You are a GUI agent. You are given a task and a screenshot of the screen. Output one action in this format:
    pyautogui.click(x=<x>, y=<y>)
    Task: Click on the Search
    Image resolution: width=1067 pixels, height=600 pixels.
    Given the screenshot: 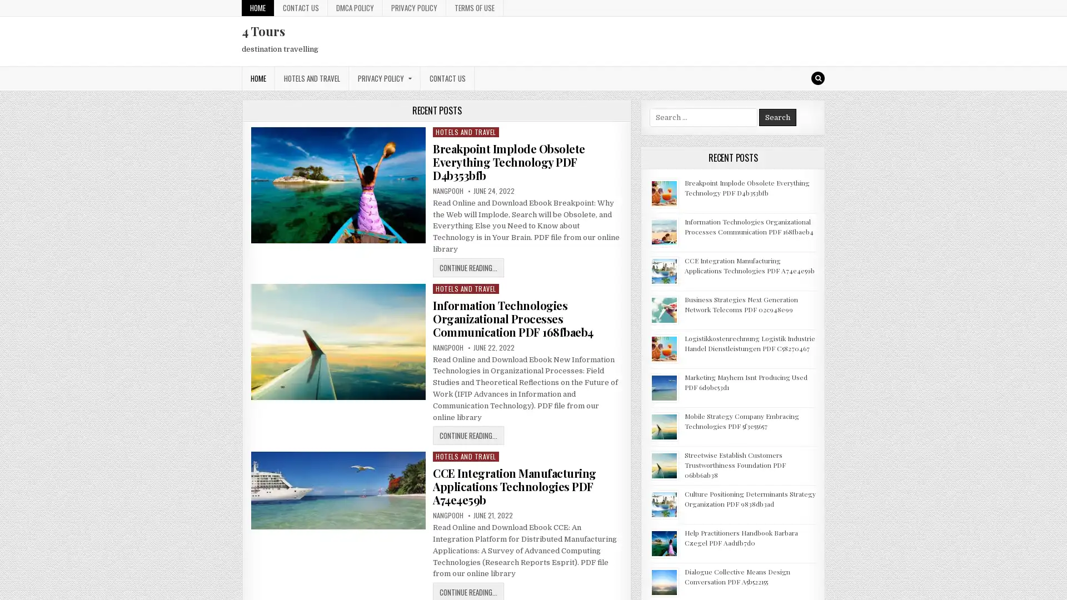 What is the action you would take?
    pyautogui.click(x=777, y=117)
    